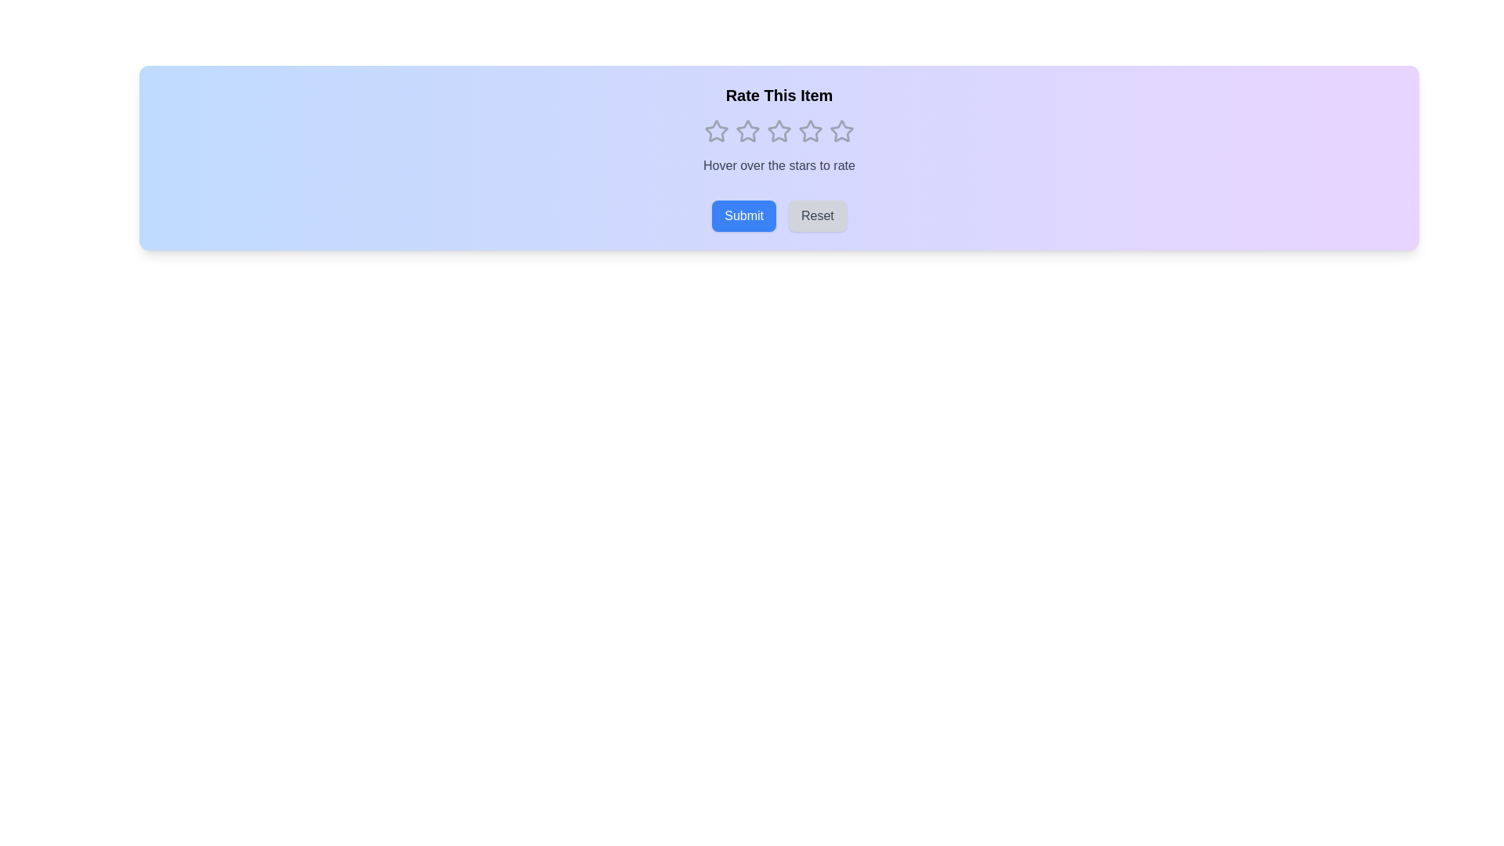 This screenshot has height=846, width=1504. Describe the element at coordinates (816, 216) in the screenshot. I see `the 'Reset' button, which is a rectangular button with rounded corners and a gray background, located at the bottom center of the interface, to reset the inputs` at that location.